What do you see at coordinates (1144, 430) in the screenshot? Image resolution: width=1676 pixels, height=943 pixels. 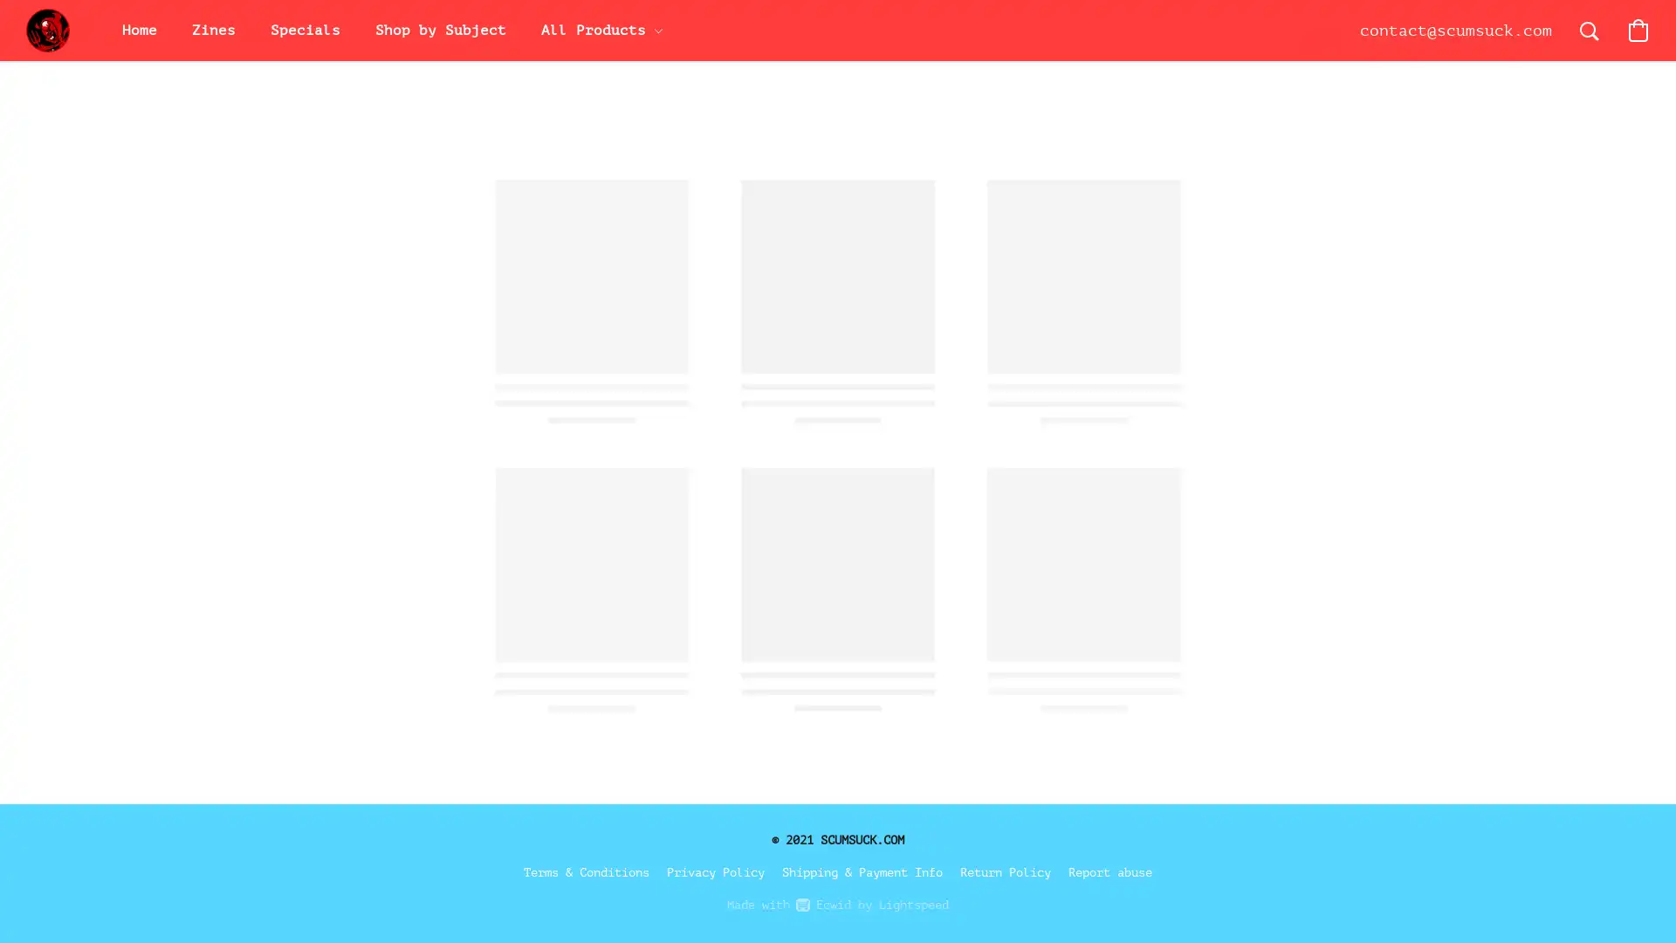 I see `Add to Bag` at bounding box center [1144, 430].